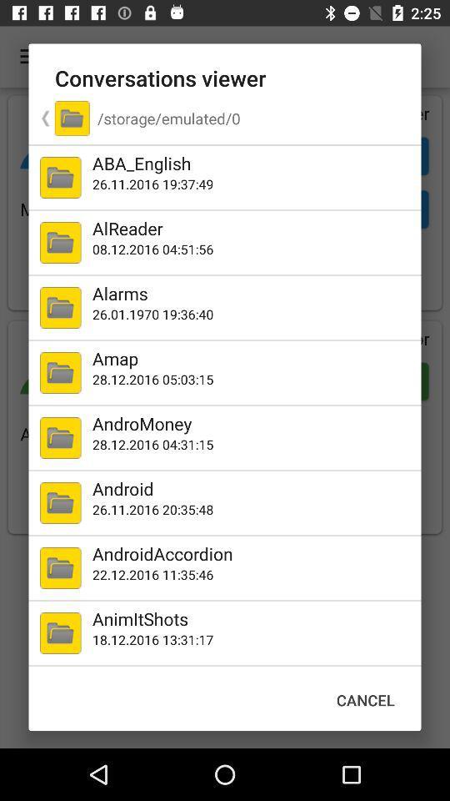  What do you see at coordinates (252, 617) in the screenshot?
I see `icon above 18 12 2016` at bounding box center [252, 617].